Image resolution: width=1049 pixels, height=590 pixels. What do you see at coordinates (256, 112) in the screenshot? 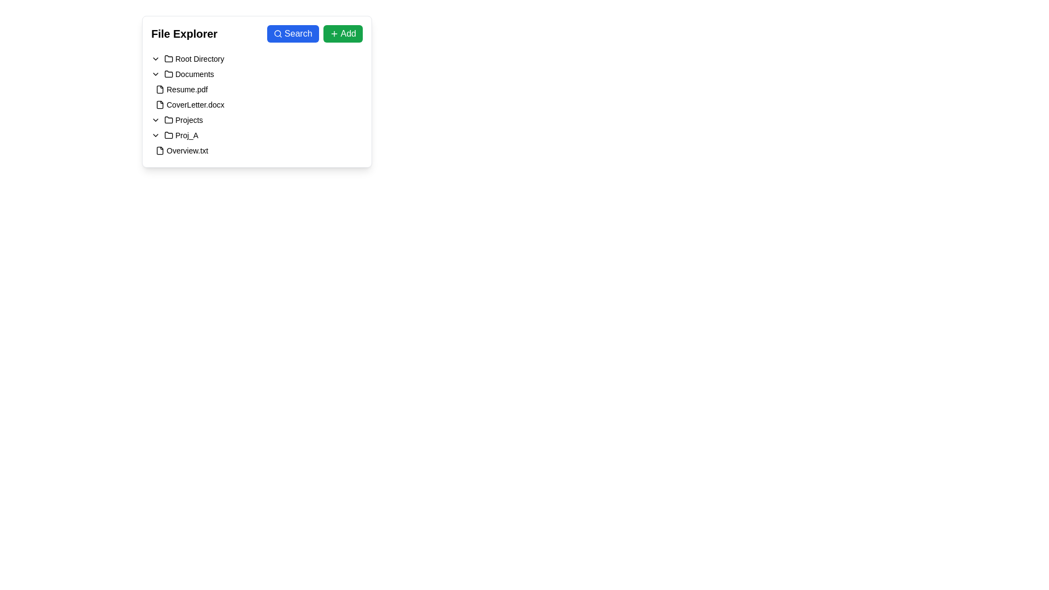
I see `an item from the 'Documents' folder node in the file explorer tree view` at bounding box center [256, 112].